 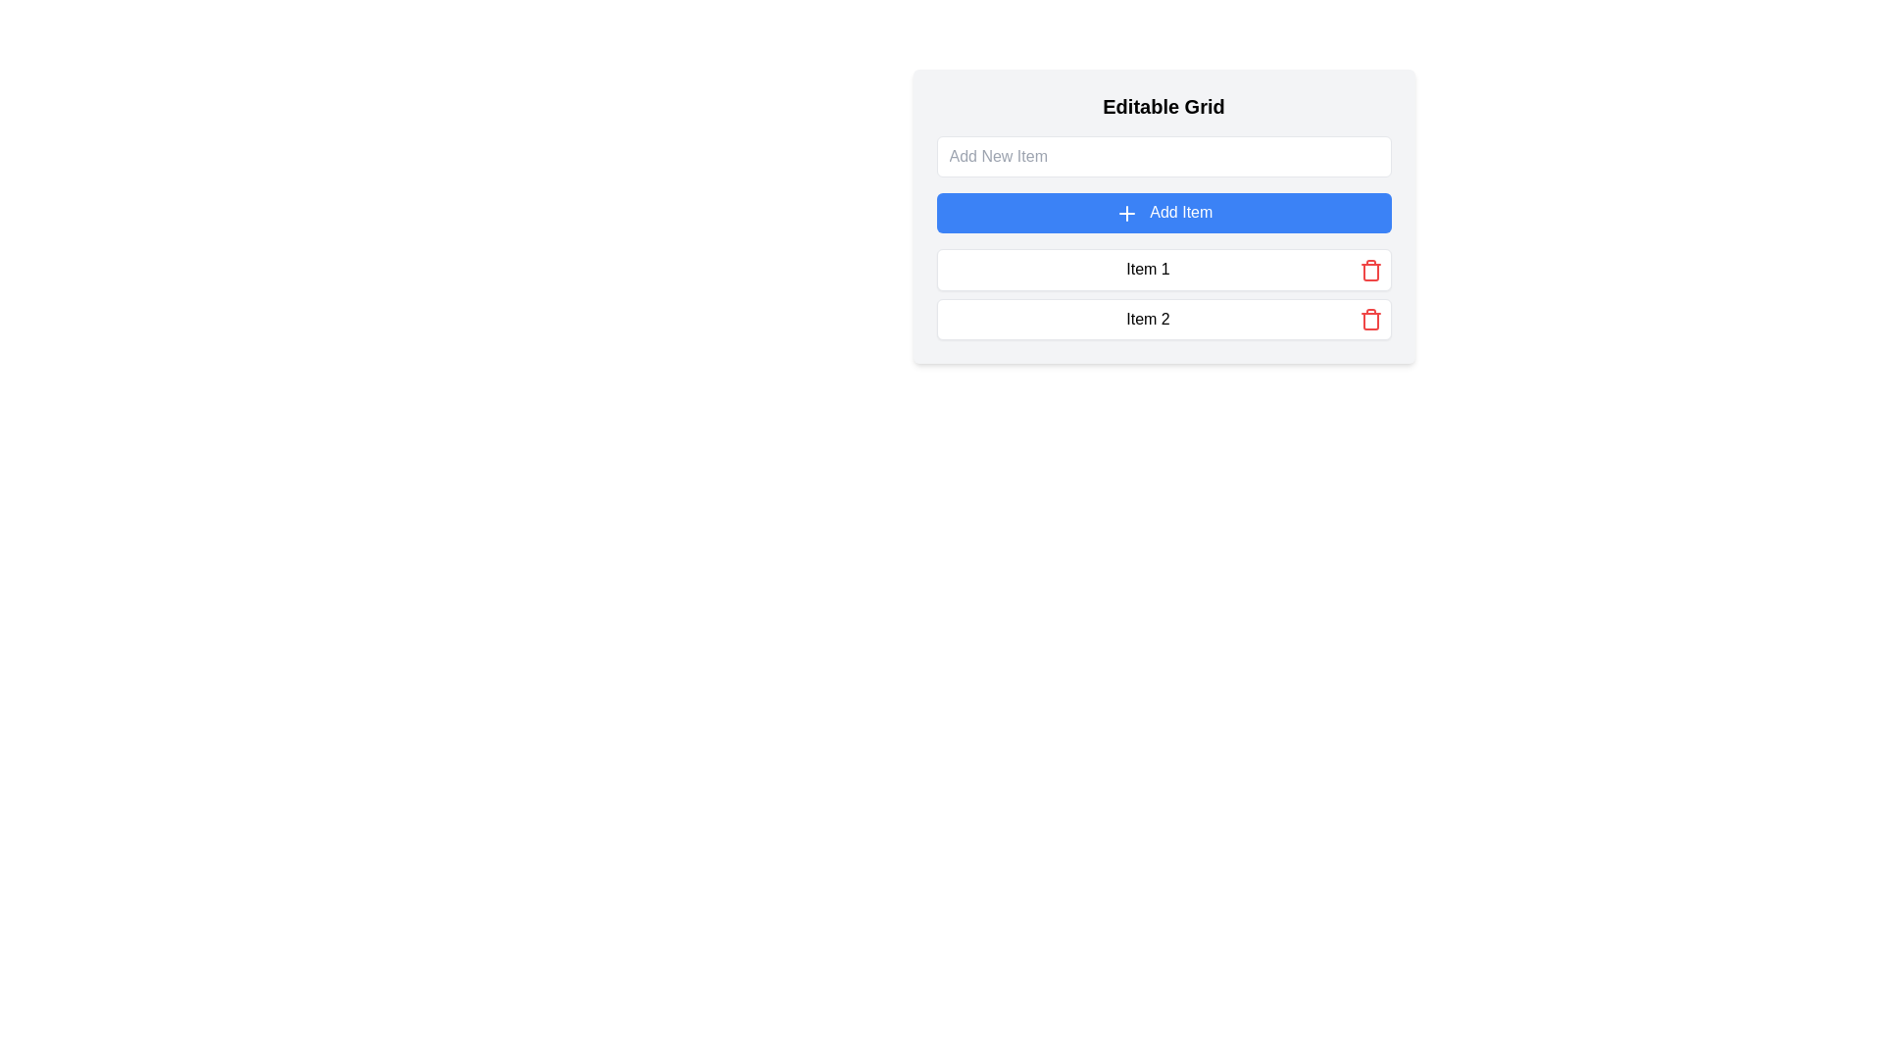 I want to click on the plus sign icon located inside the 'Add Item' button, positioned to the left of the text 'Add Item', so click(x=1126, y=213).